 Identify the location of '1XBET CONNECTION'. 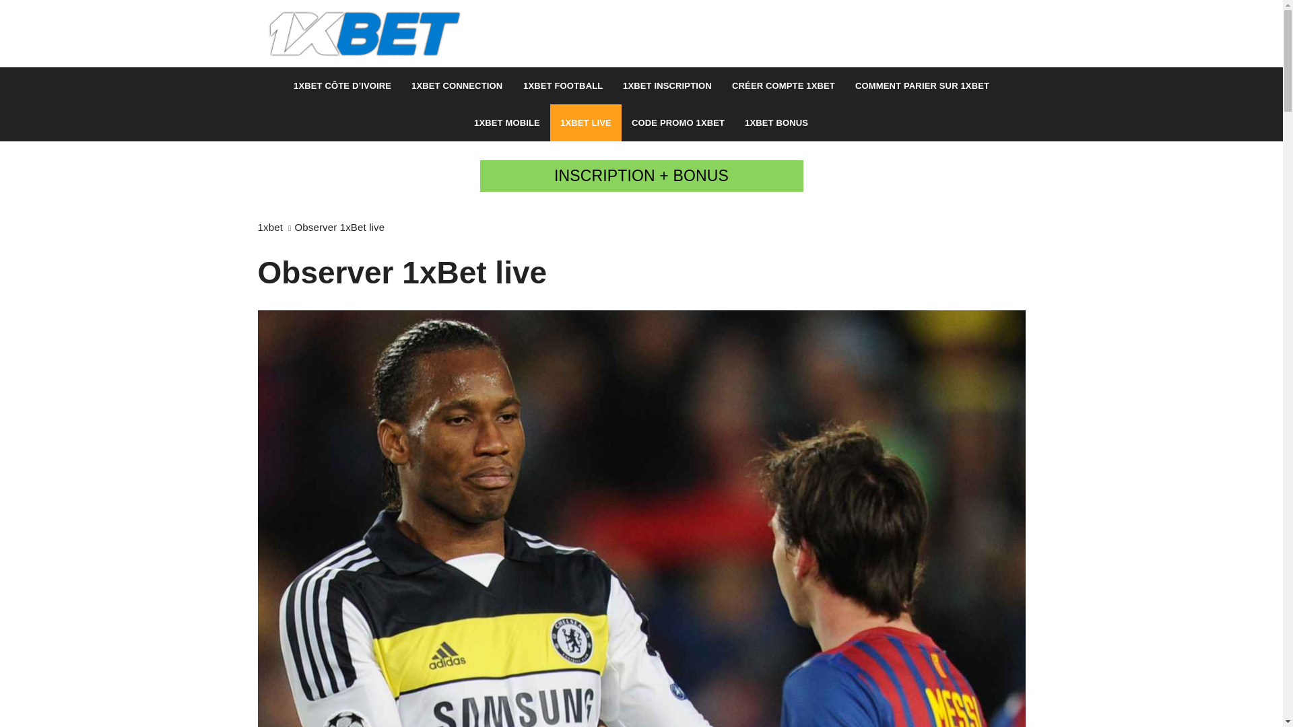
(457, 85).